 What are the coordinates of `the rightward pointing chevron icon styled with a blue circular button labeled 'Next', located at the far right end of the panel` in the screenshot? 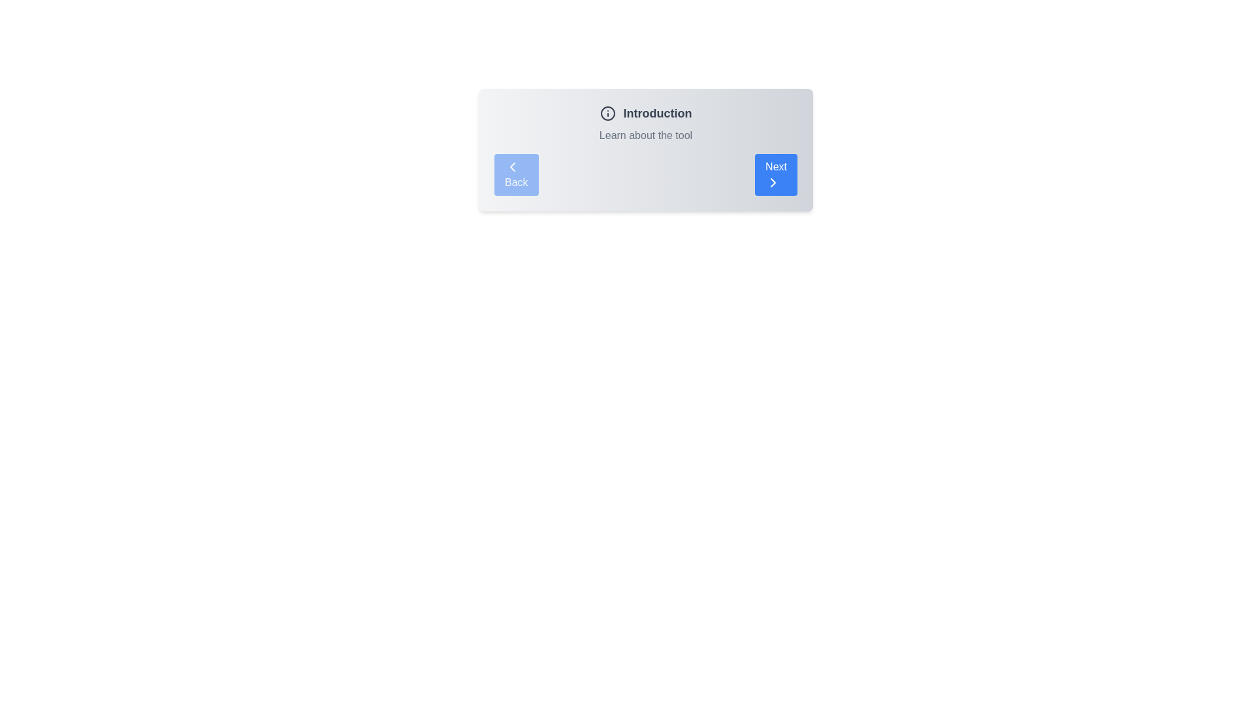 It's located at (773, 183).